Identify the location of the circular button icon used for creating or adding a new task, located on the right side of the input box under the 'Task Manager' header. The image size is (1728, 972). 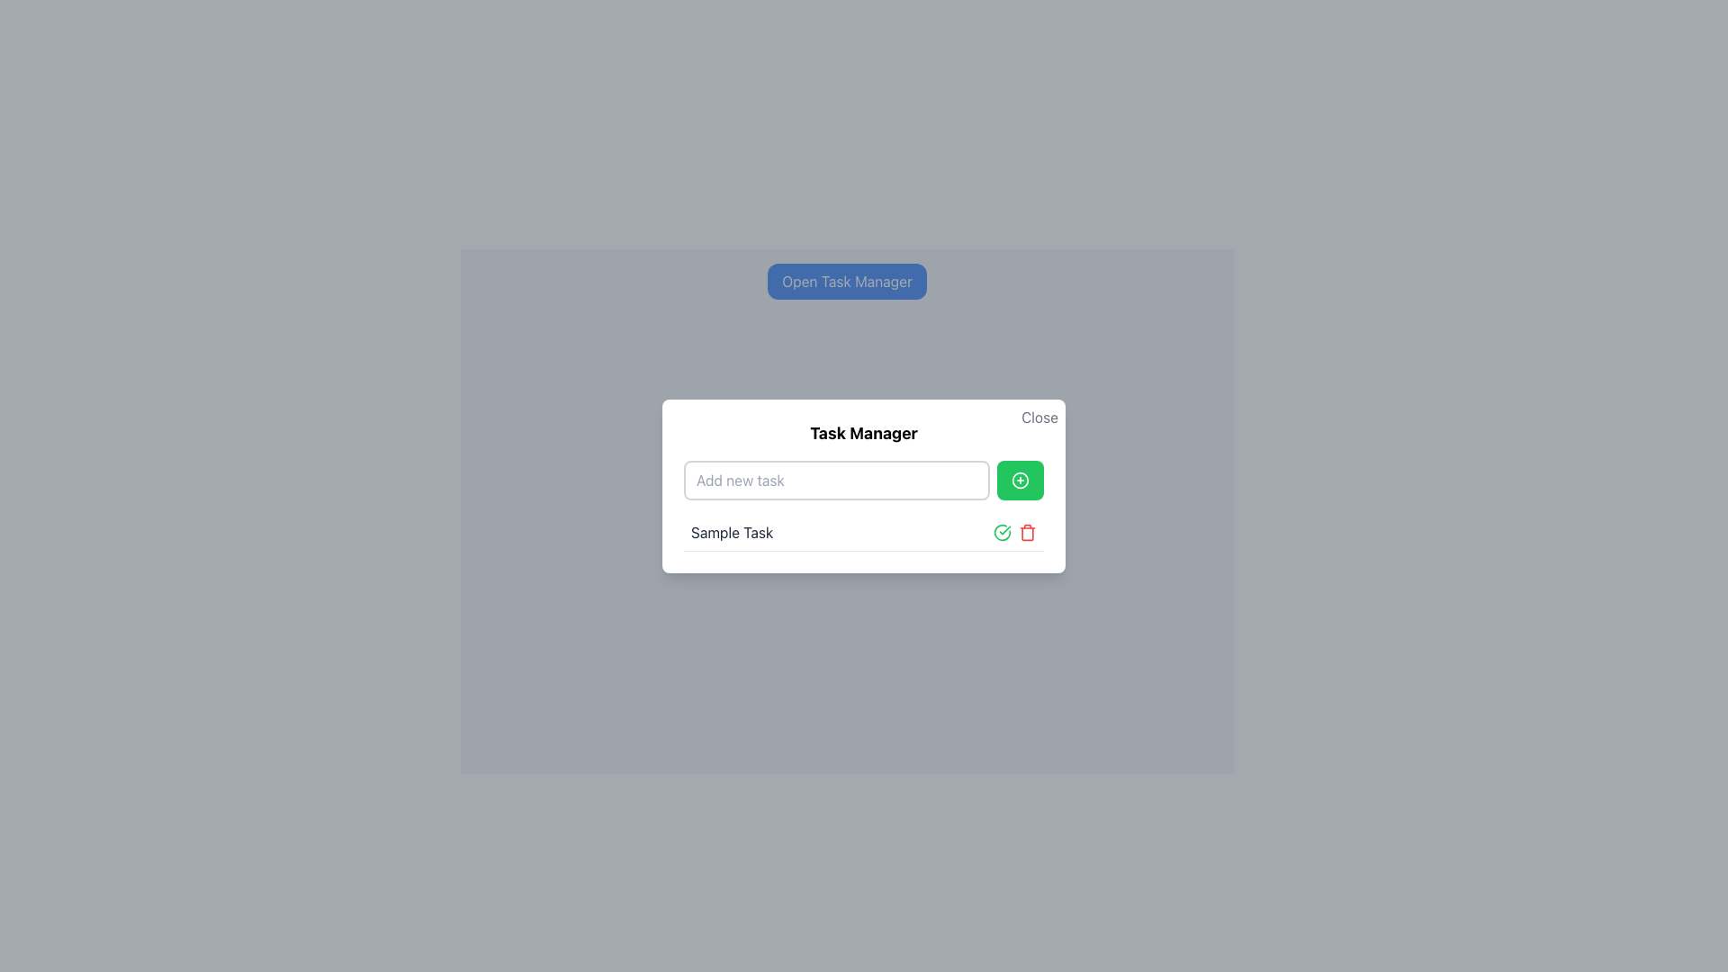
(1020, 478).